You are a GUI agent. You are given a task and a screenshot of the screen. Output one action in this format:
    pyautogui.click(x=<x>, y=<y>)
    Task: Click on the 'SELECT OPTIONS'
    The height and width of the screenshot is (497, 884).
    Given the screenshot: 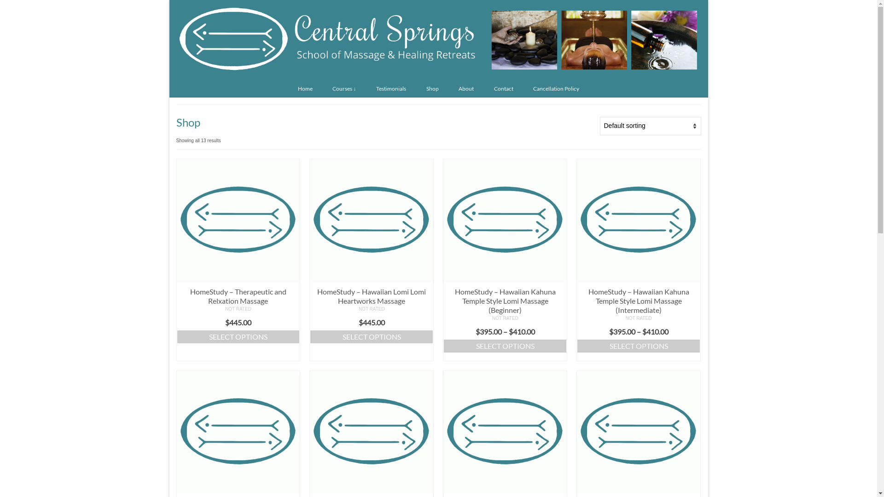 What is the action you would take?
    pyautogui.click(x=238, y=337)
    